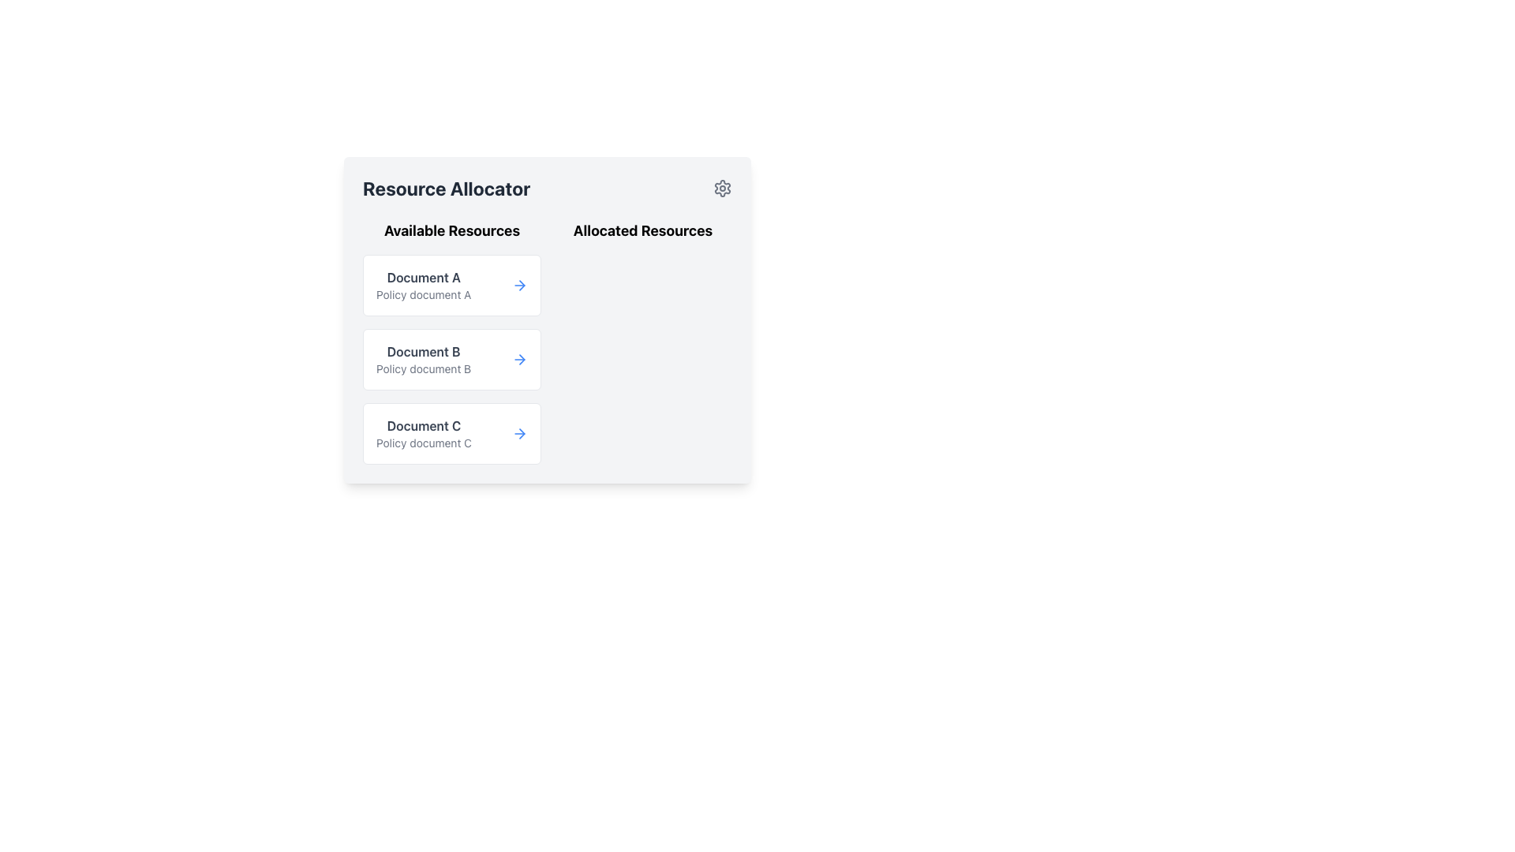 This screenshot has width=1515, height=852. Describe the element at coordinates (519, 434) in the screenshot. I see `the blue arrow-shaped button associated with 'Document C' located at the bottom right of the 'Available Resources' section` at that location.